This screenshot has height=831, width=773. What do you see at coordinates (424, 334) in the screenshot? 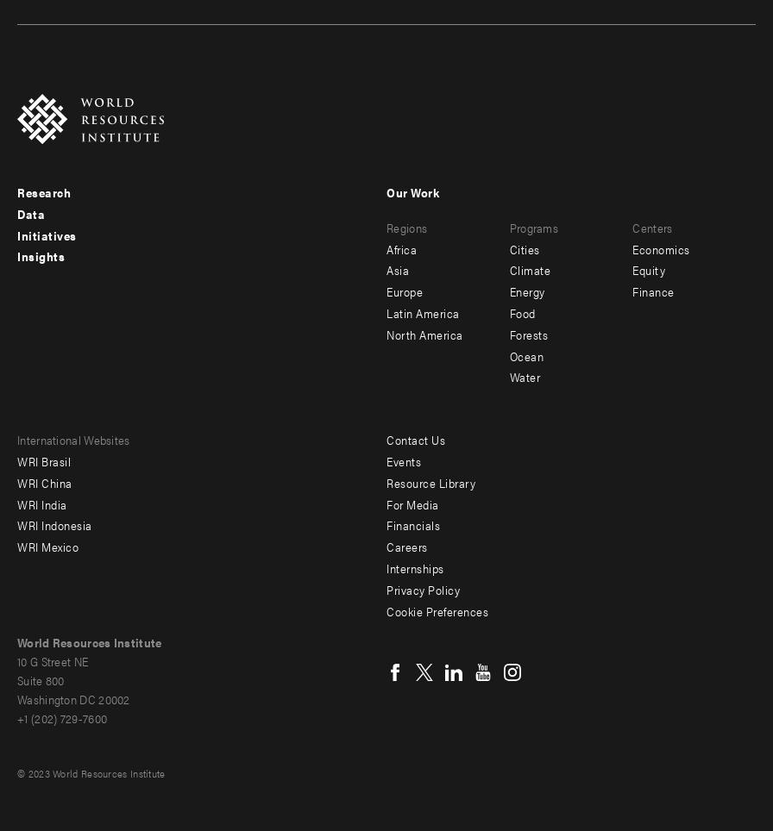
I see `'North America'` at bounding box center [424, 334].